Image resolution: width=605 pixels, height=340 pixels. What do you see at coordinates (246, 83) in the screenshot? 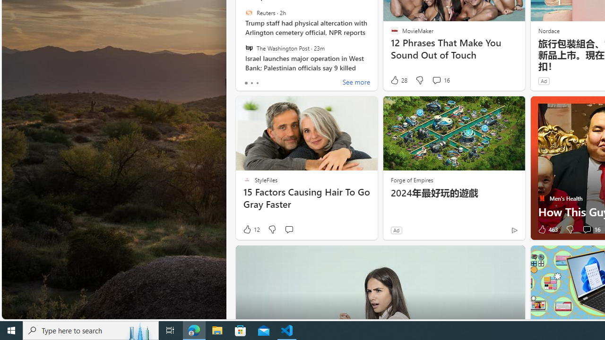
I see `'tab-0'` at bounding box center [246, 83].